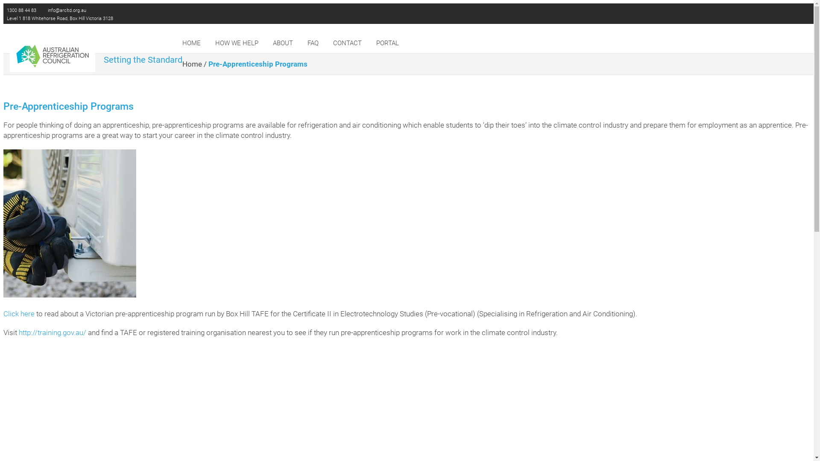 Image resolution: width=820 pixels, height=461 pixels. I want to click on 'HOME', so click(191, 43).